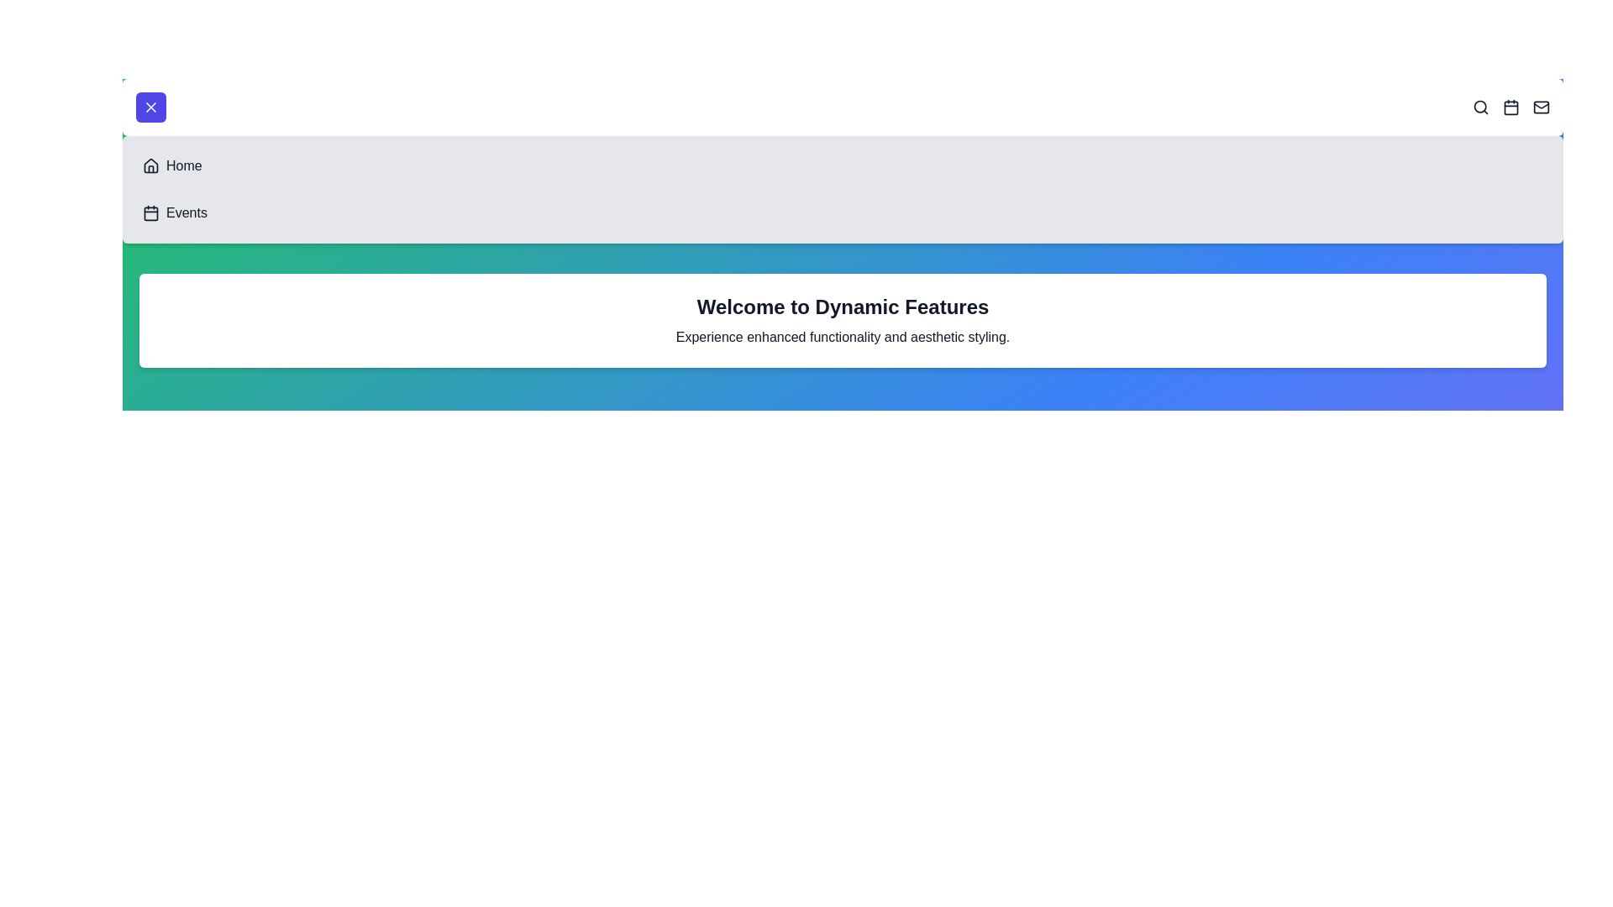 This screenshot has width=1613, height=907. Describe the element at coordinates (1511, 107) in the screenshot. I see `the Calendar icon in the header` at that location.